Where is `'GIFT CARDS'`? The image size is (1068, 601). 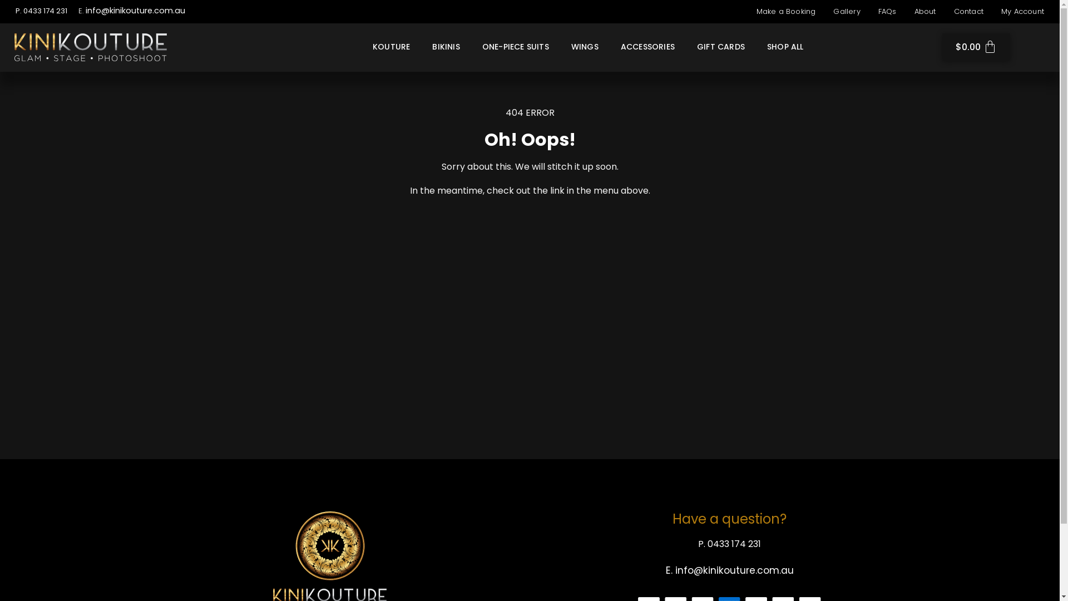
'GIFT CARDS' is located at coordinates (721, 46).